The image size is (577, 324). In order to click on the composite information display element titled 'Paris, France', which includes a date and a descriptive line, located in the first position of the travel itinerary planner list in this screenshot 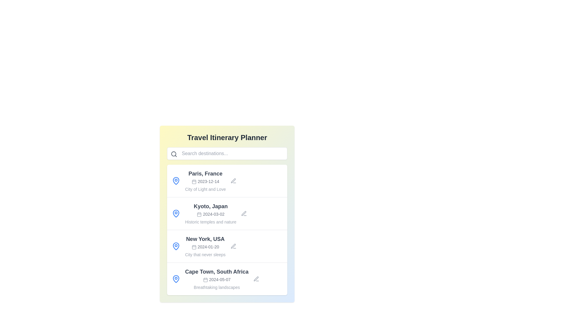, I will do `click(205, 180)`.